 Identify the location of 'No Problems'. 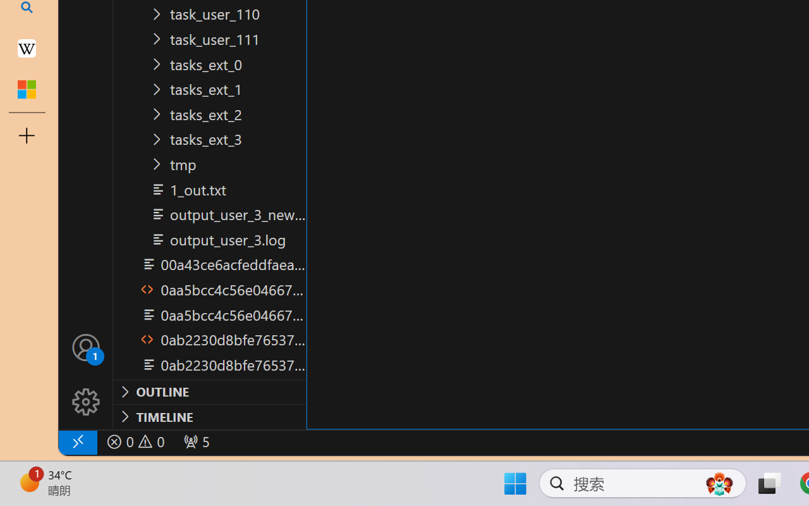
(135, 441).